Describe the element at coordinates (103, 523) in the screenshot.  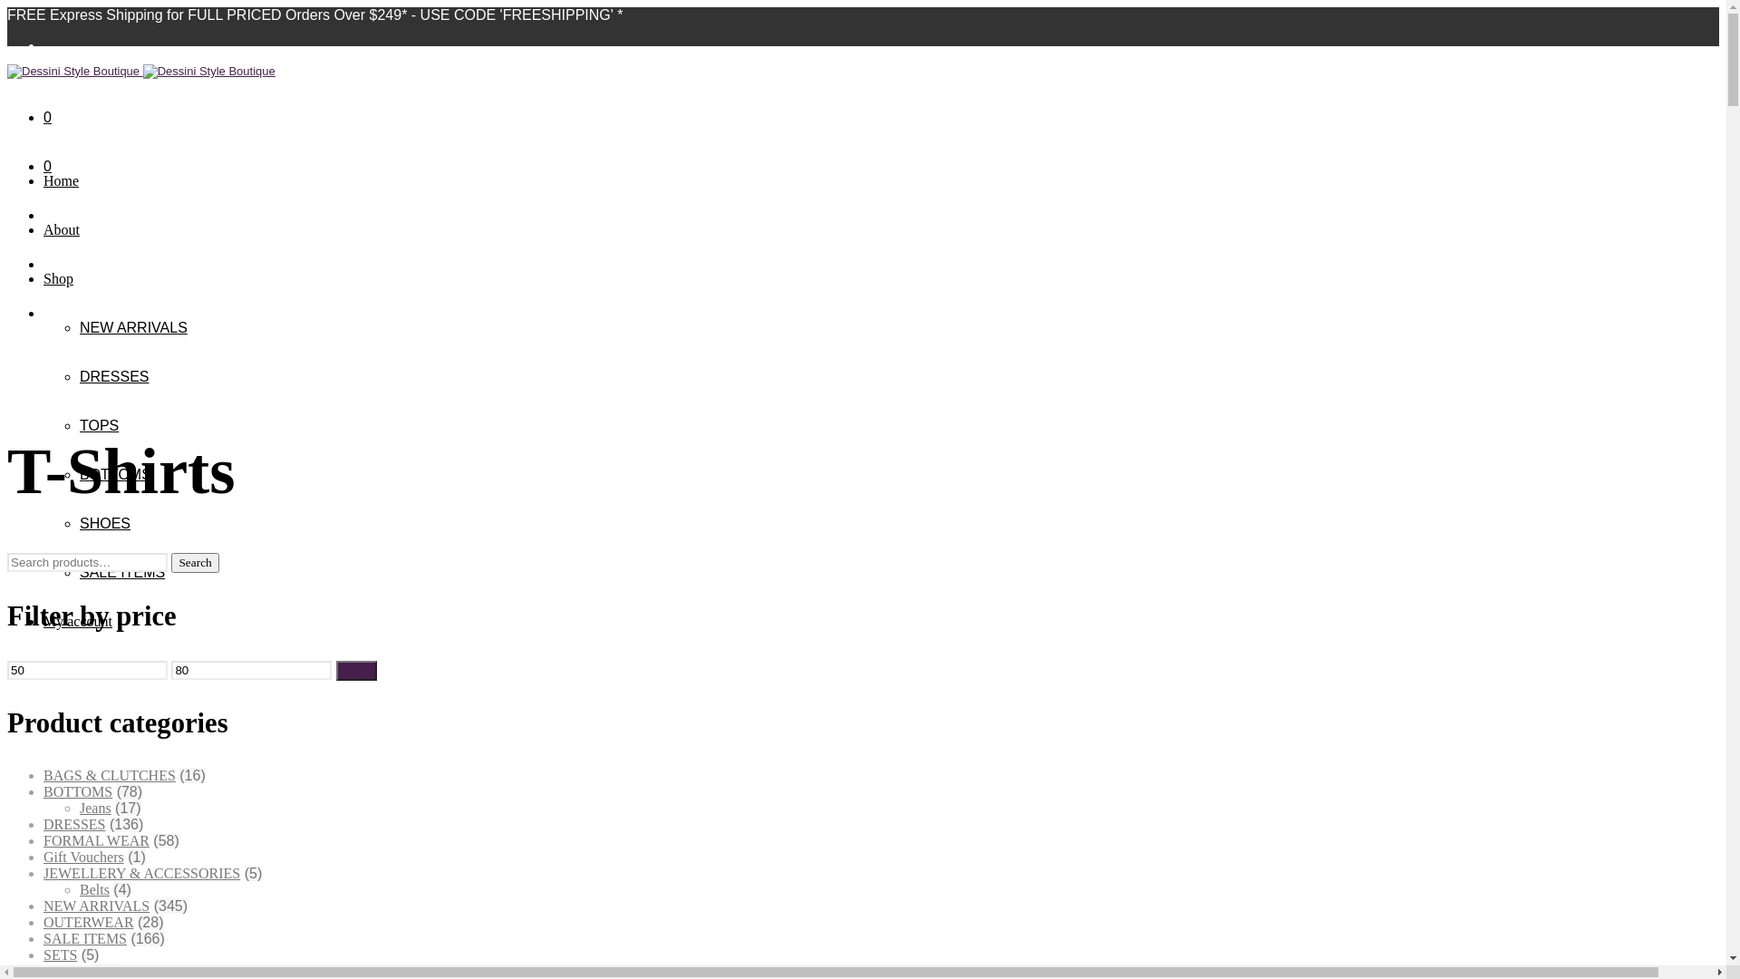
I see `'SHOES'` at that location.